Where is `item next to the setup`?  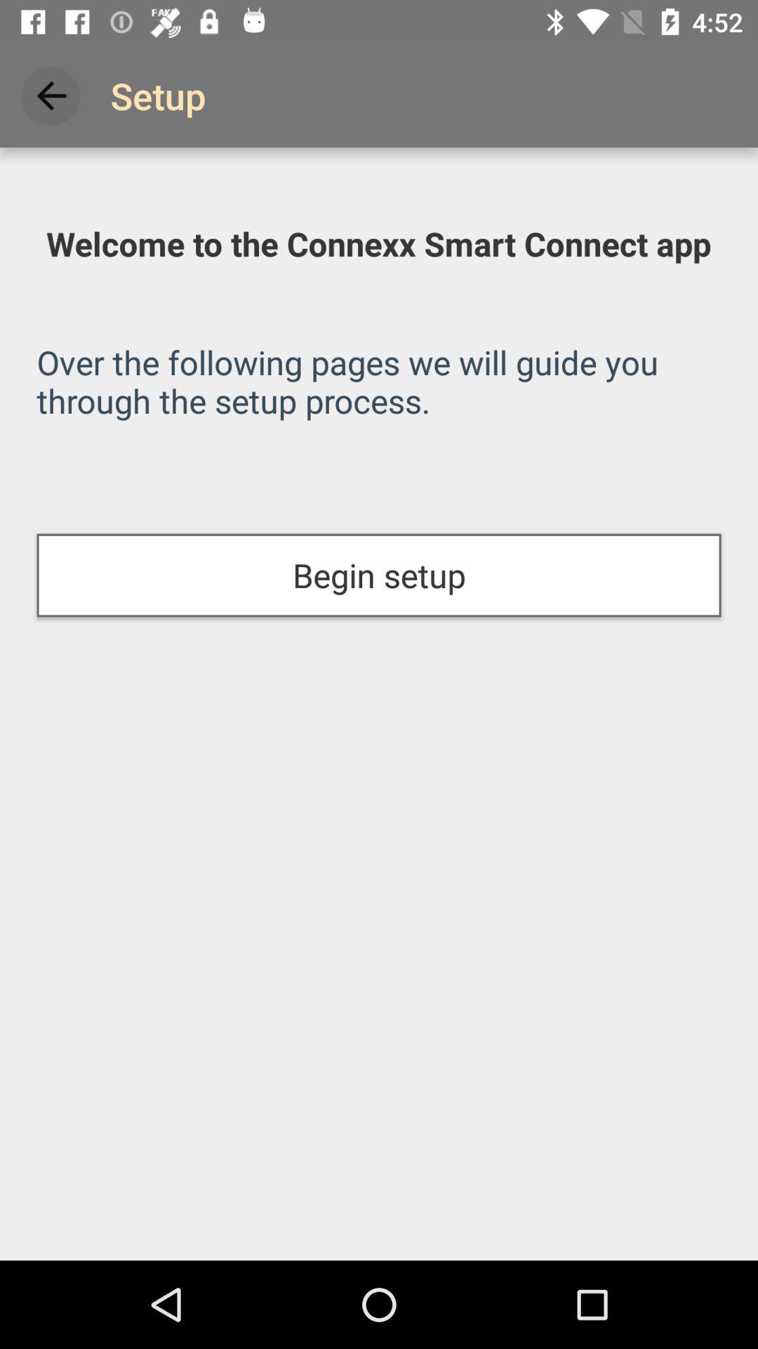
item next to the setup is located at coordinates (51, 95).